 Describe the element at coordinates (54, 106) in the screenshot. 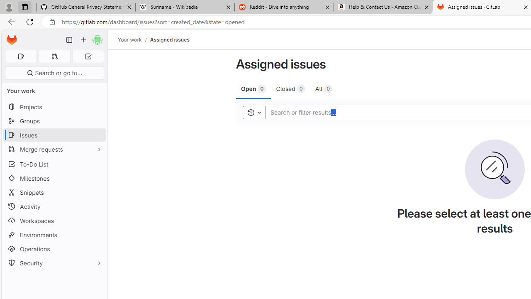

I see `'Projects'` at that location.